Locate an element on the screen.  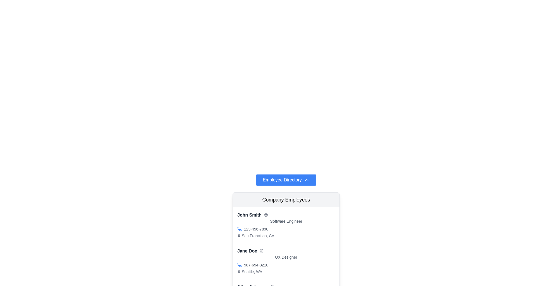
the phone icon, which visually indicates phone-related functionality and is located to the left of the phone number '987-654-3210' in the 'Company Employees' section is located at coordinates (240, 265).